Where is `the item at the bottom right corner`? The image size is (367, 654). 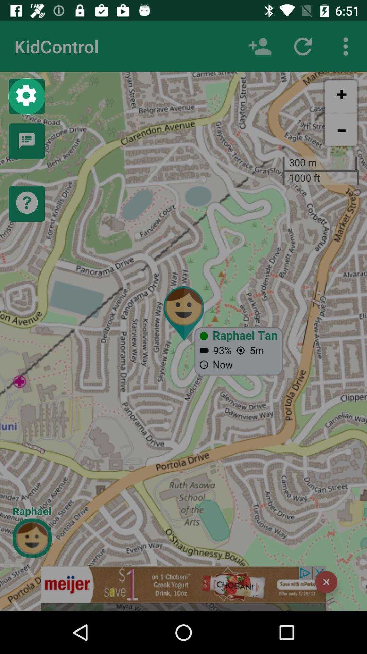
the item at the bottom right corner is located at coordinates (326, 581).